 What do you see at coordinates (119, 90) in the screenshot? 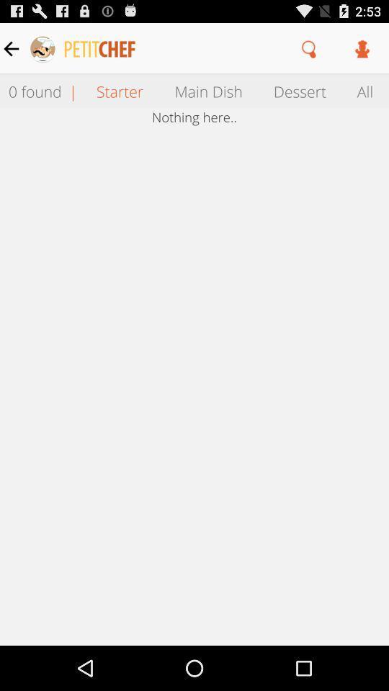
I see `the icon next to | item` at bounding box center [119, 90].